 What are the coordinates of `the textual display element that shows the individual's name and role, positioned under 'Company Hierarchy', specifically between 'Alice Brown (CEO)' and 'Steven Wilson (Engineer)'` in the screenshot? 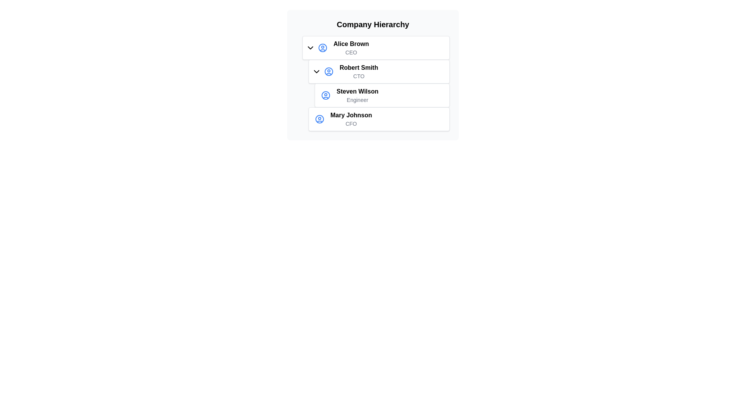 It's located at (358, 71).